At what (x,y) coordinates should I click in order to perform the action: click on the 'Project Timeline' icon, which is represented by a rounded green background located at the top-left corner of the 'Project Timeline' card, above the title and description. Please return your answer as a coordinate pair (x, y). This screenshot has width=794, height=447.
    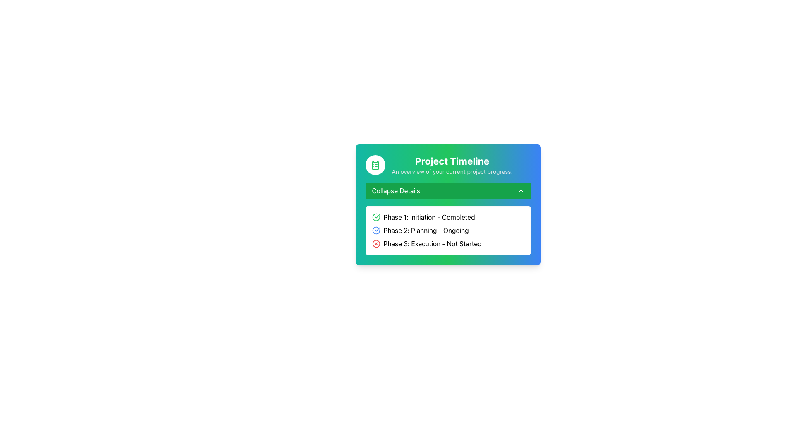
    Looking at the image, I should click on (375, 165).